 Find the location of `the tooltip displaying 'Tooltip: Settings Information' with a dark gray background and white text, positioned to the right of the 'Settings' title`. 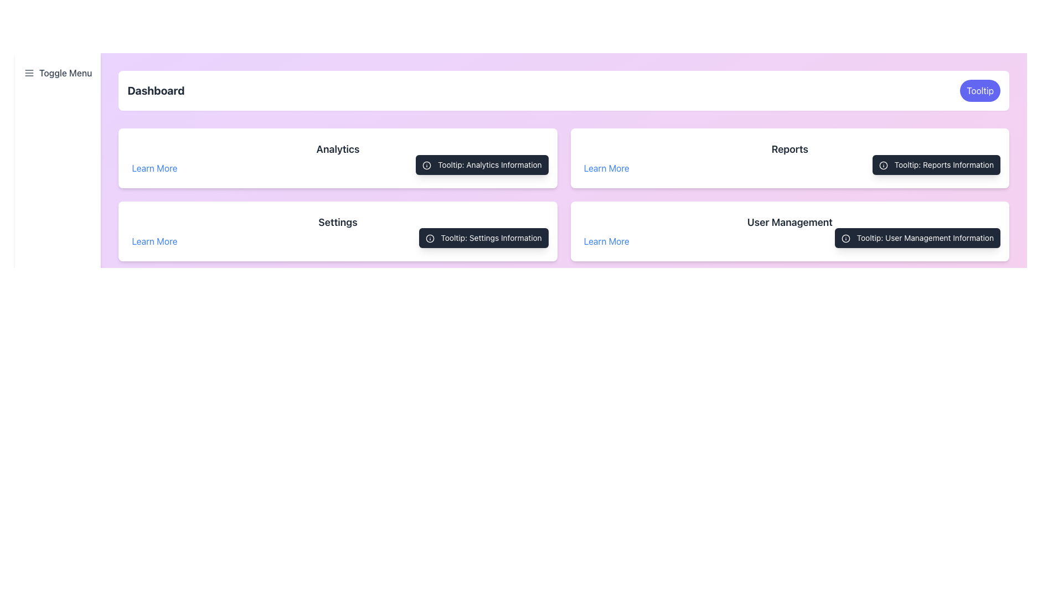

the tooltip displaying 'Tooltip: Settings Information' with a dark gray background and white text, positioned to the right of the 'Settings' title is located at coordinates (483, 237).